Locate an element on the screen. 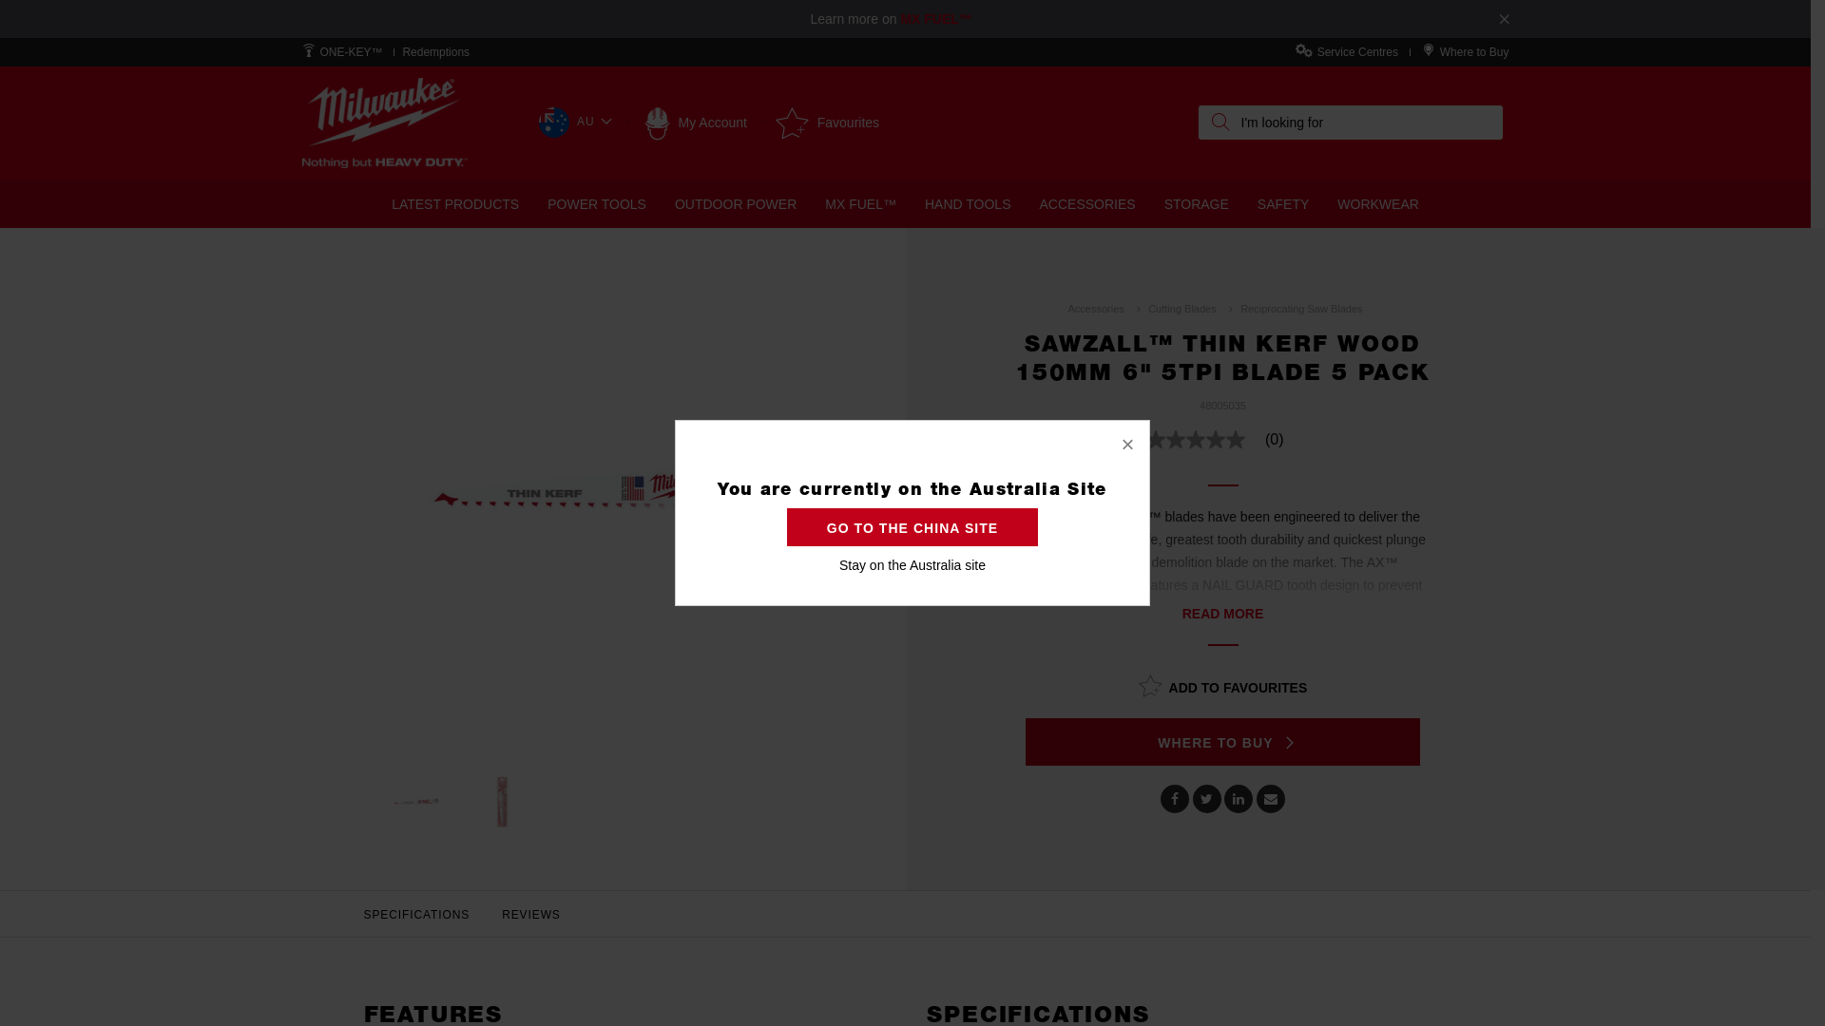 The width and height of the screenshot is (1825, 1026). 'ACCESSORIES' is located at coordinates (1024, 204).